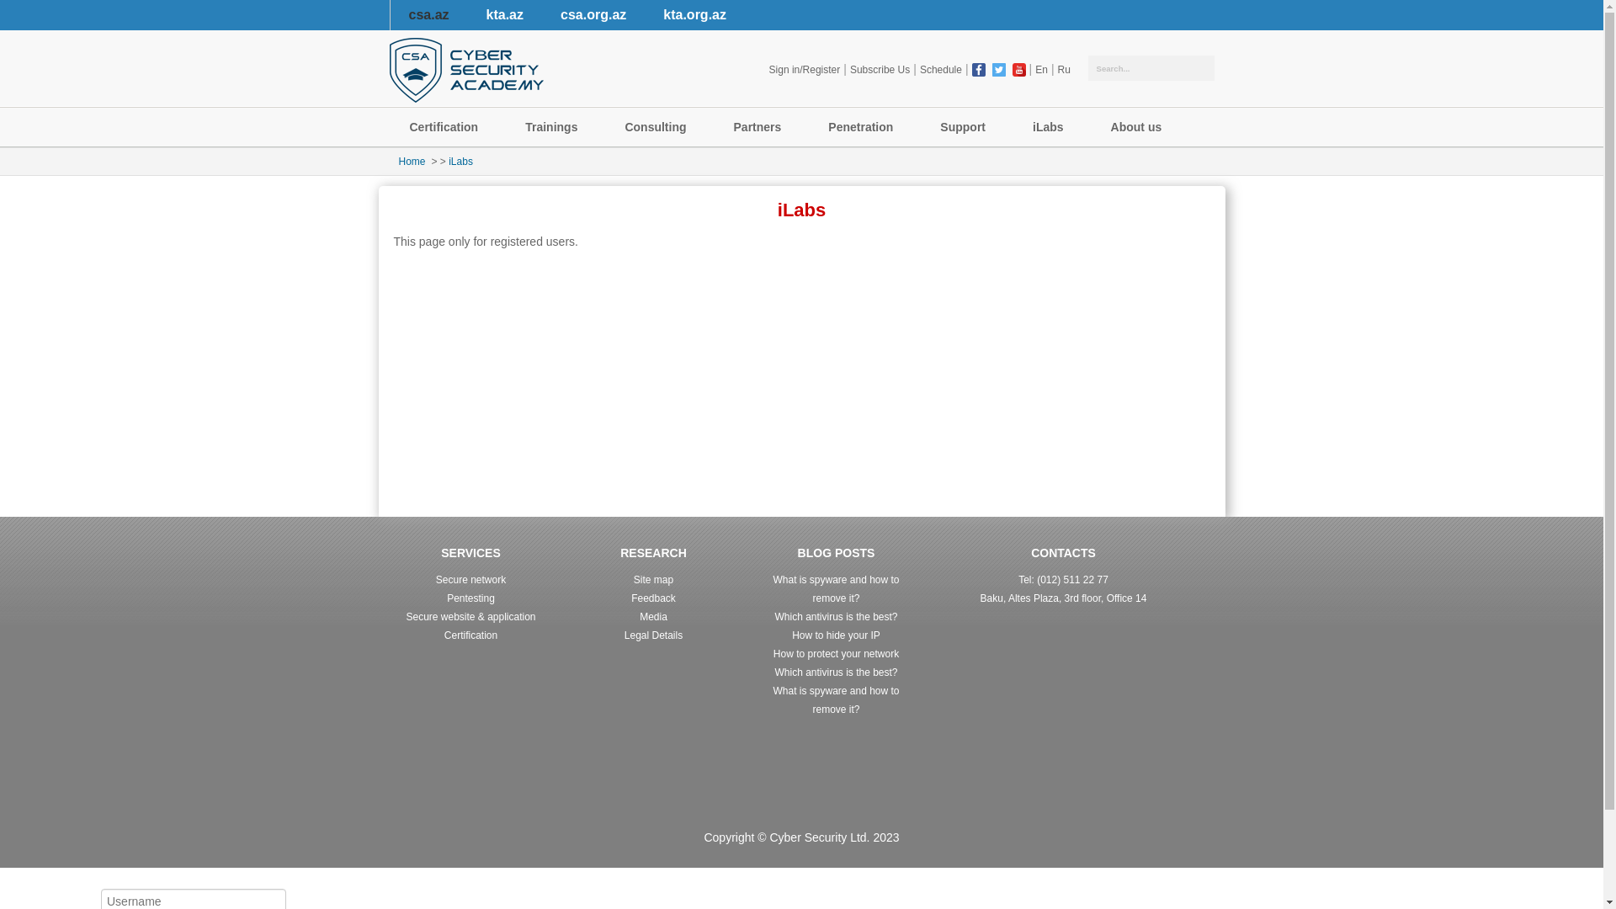 The width and height of the screenshot is (1616, 909). I want to click on 'Site map', so click(652, 579).